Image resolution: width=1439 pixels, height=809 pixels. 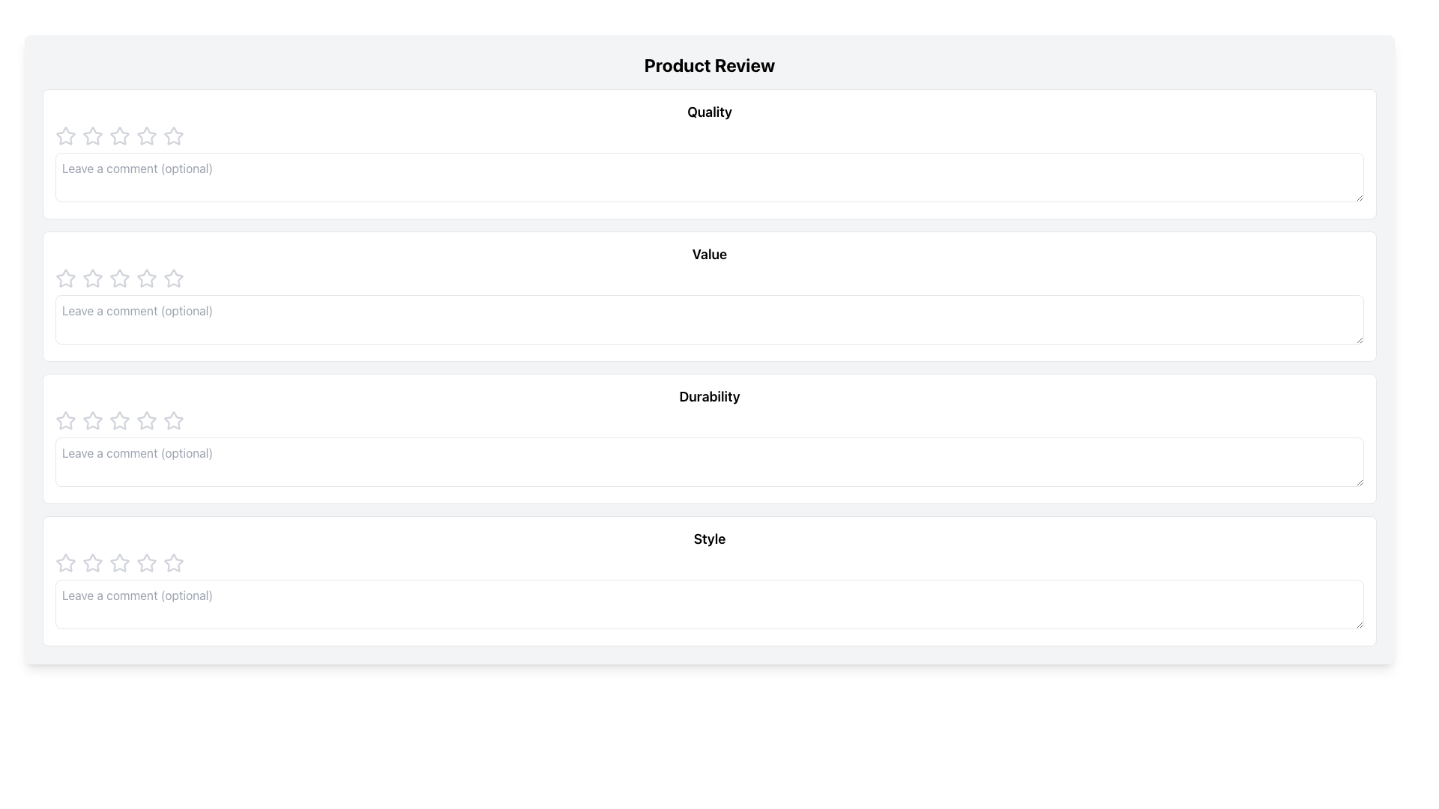 What do you see at coordinates (64, 136) in the screenshot?
I see `the first rating star icon, which is part of a sequence of five stars used for rating, located below the heading 'Quality'` at bounding box center [64, 136].